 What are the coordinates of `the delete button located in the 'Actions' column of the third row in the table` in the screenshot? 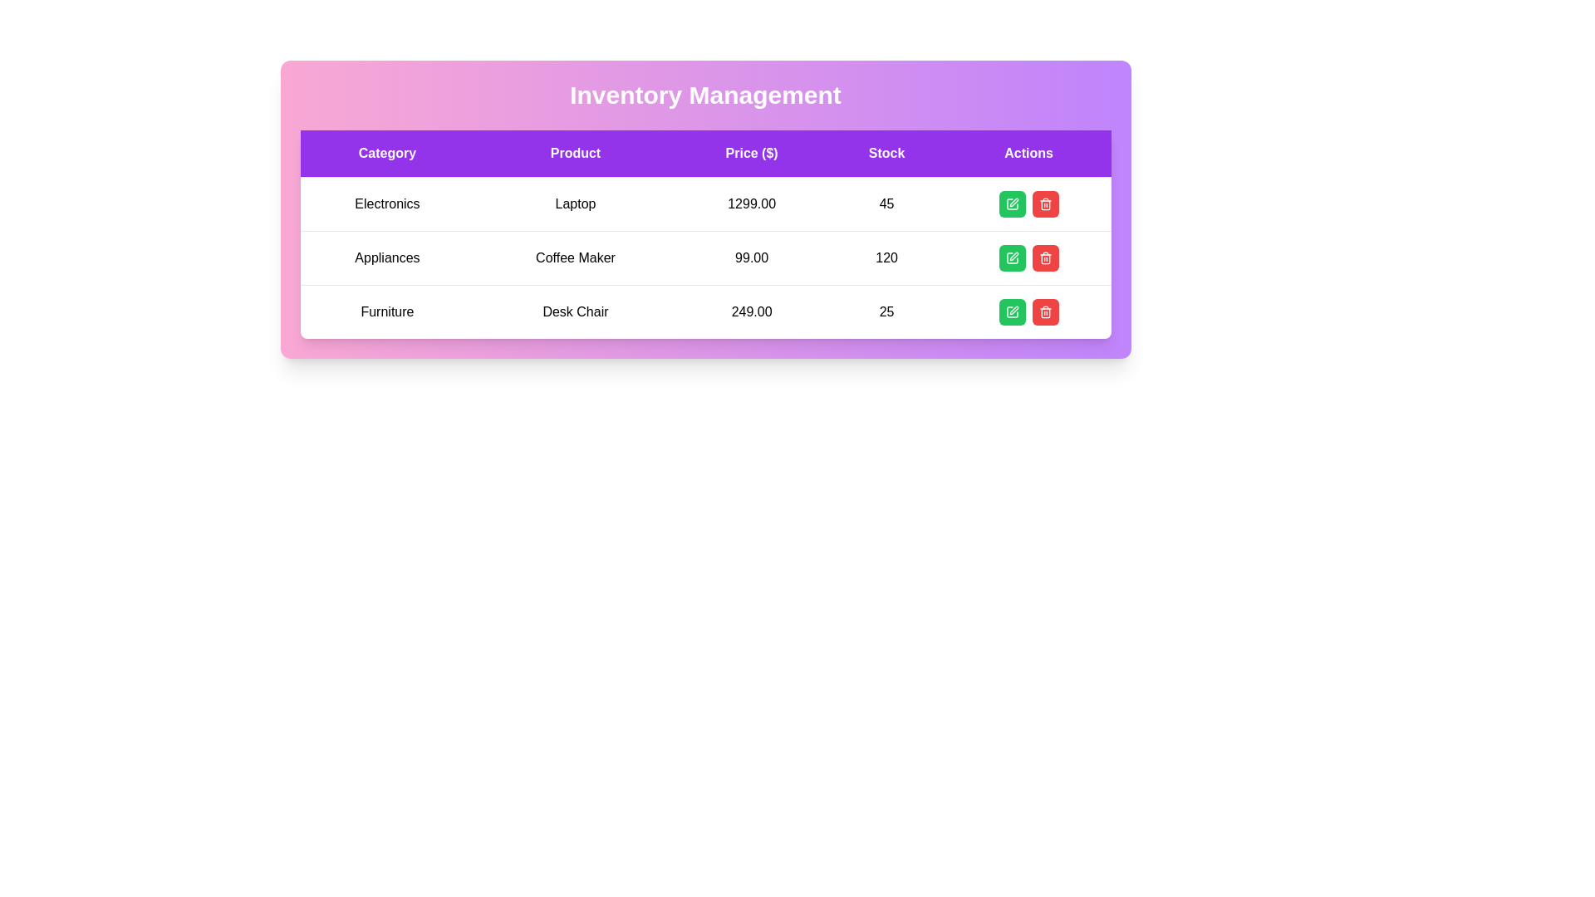 It's located at (1044, 311).